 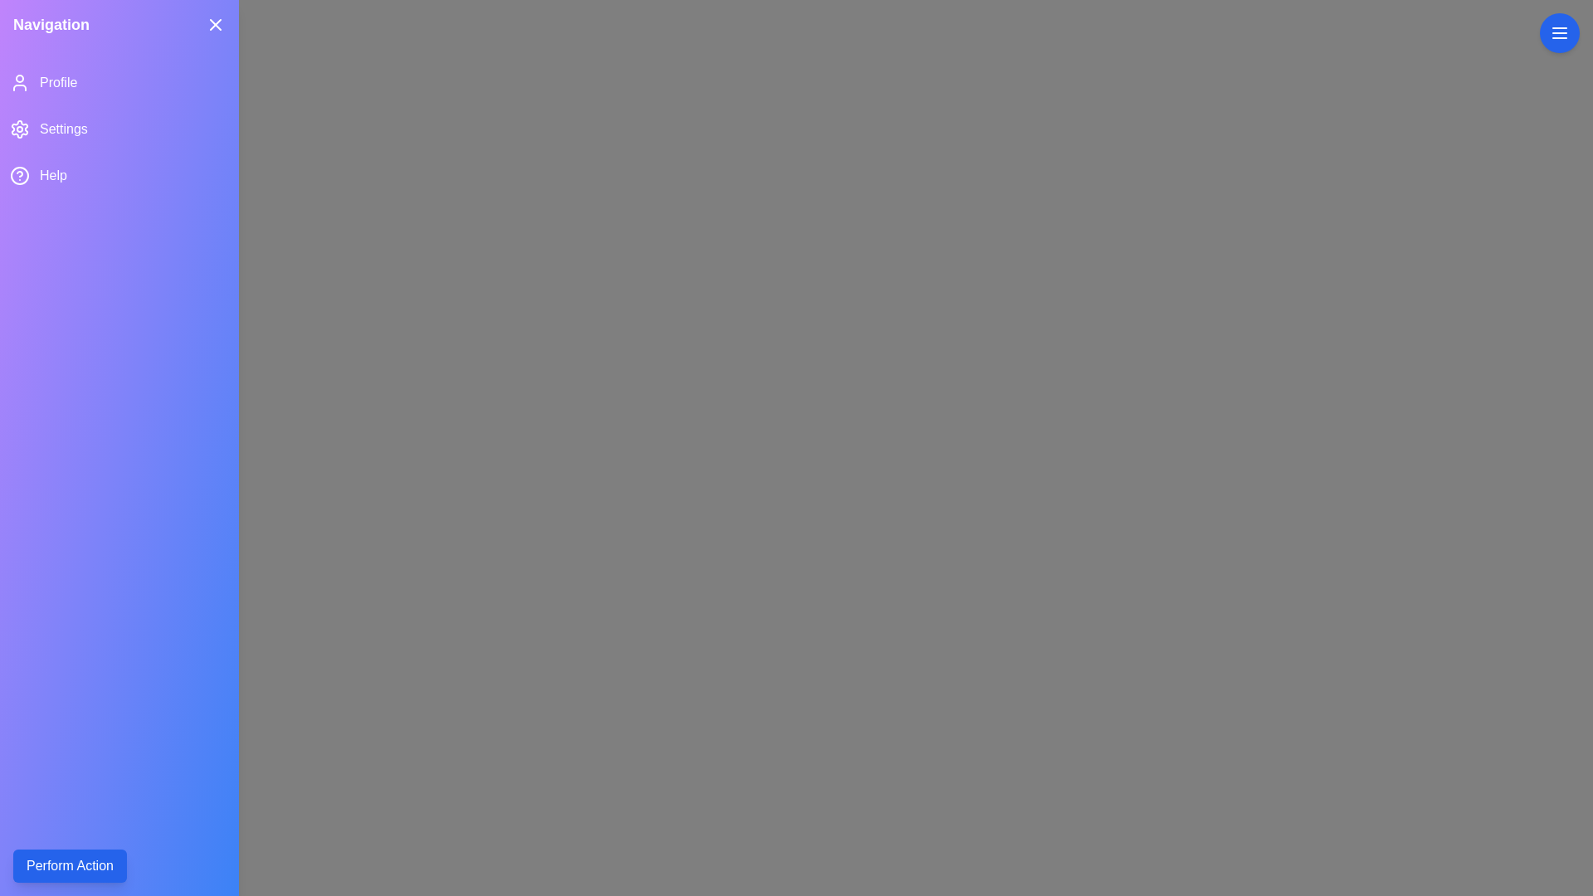 I want to click on the left-most help icon, so click(x=20, y=176).